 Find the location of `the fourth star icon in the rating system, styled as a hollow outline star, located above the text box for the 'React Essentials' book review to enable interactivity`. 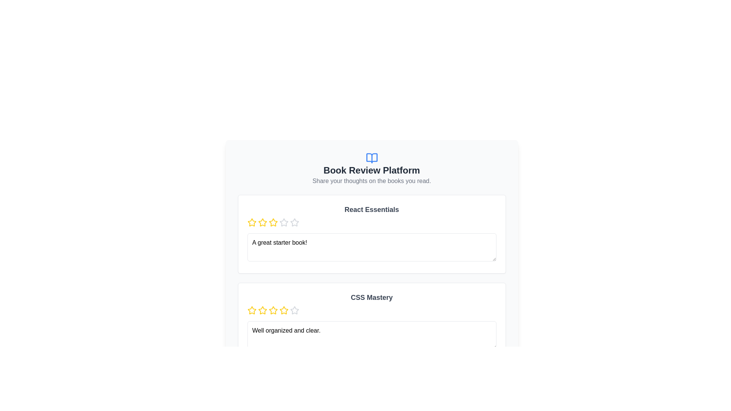

the fourth star icon in the rating system, styled as a hollow outline star, located above the text box for the 'React Essentials' book review to enable interactivity is located at coordinates (294, 222).